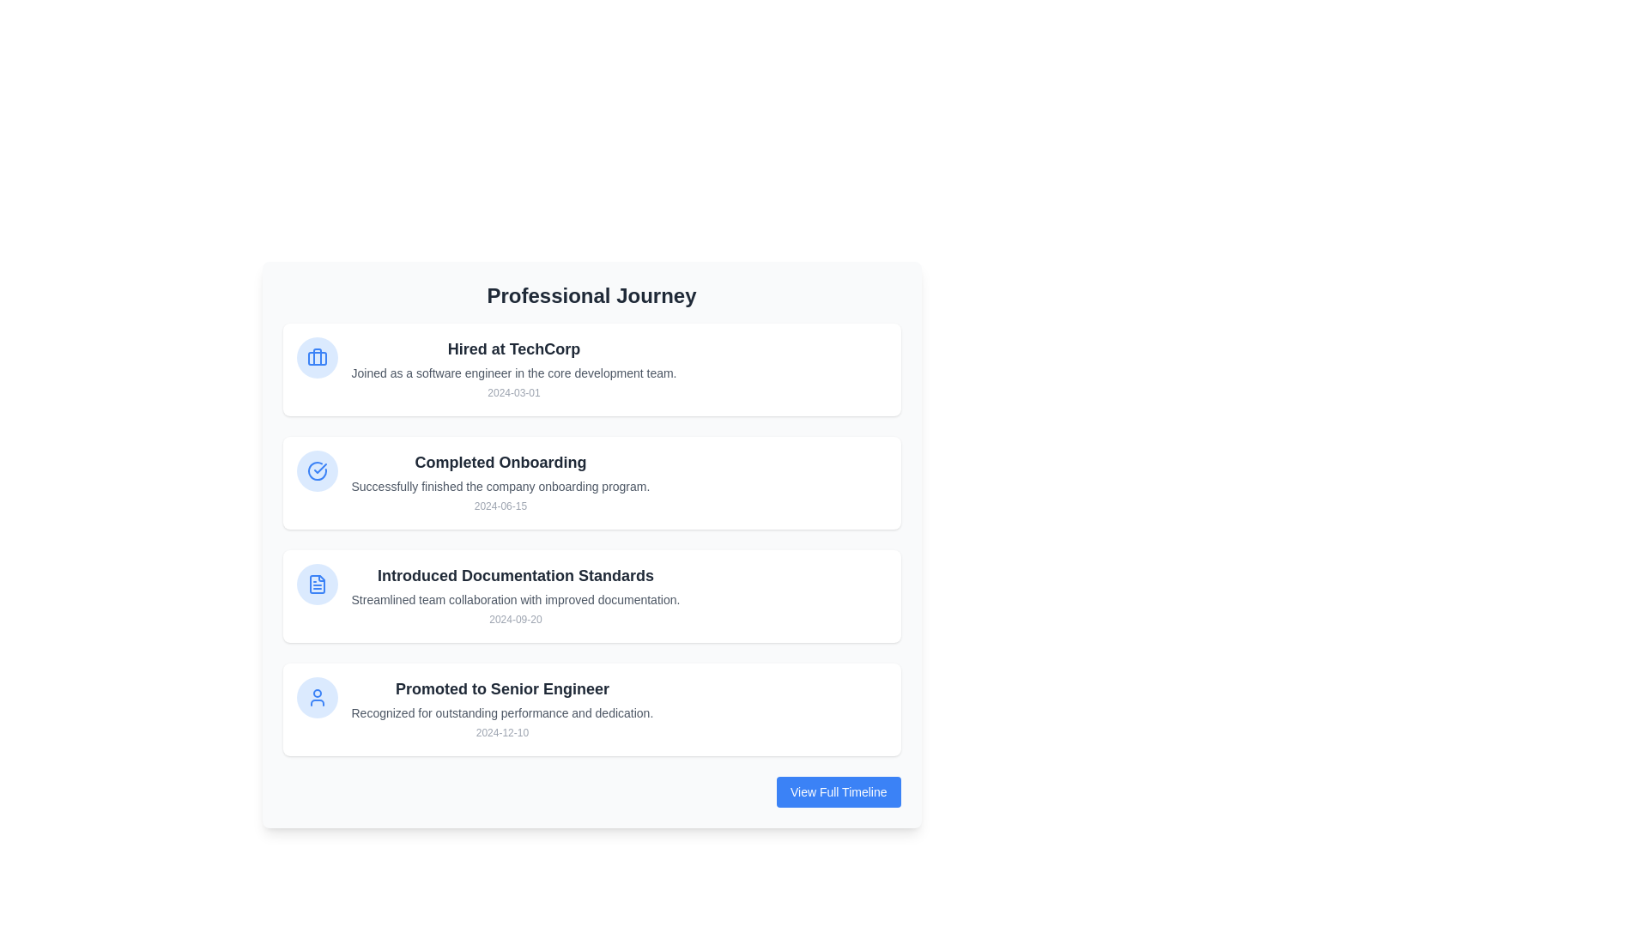  What do you see at coordinates (513, 369) in the screenshot?
I see `the Informational Text Block detailing the specific career event, which is the first entry in the vertical list of professional milestones located below the 'Professional Journey' heading` at bounding box center [513, 369].